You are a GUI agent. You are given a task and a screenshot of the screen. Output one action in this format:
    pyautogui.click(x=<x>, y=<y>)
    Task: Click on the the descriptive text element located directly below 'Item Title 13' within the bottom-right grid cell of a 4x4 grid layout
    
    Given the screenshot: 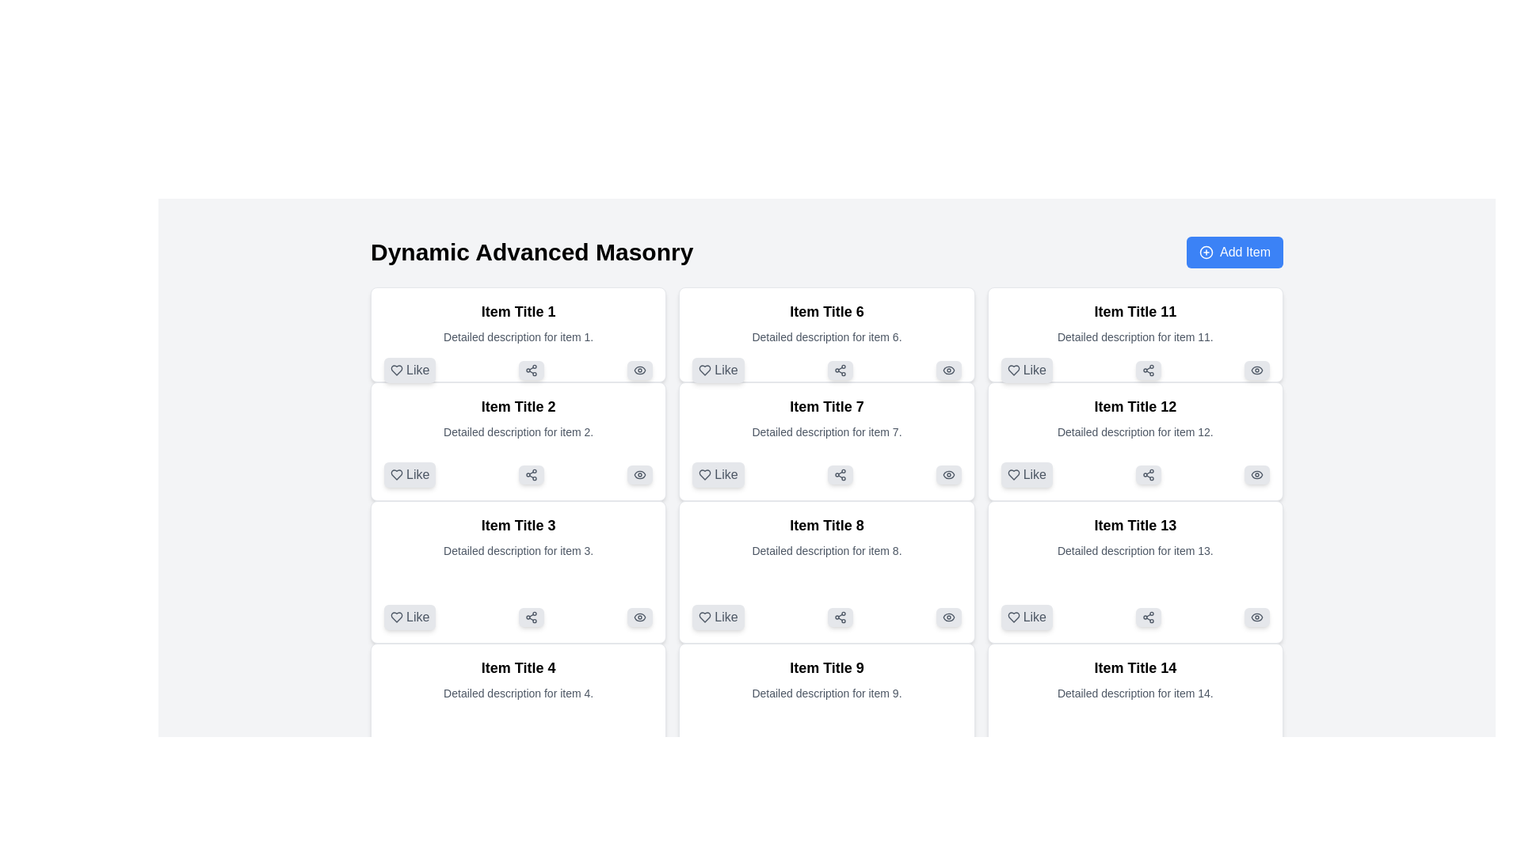 What is the action you would take?
    pyautogui.click(x=1134, y=549)
    